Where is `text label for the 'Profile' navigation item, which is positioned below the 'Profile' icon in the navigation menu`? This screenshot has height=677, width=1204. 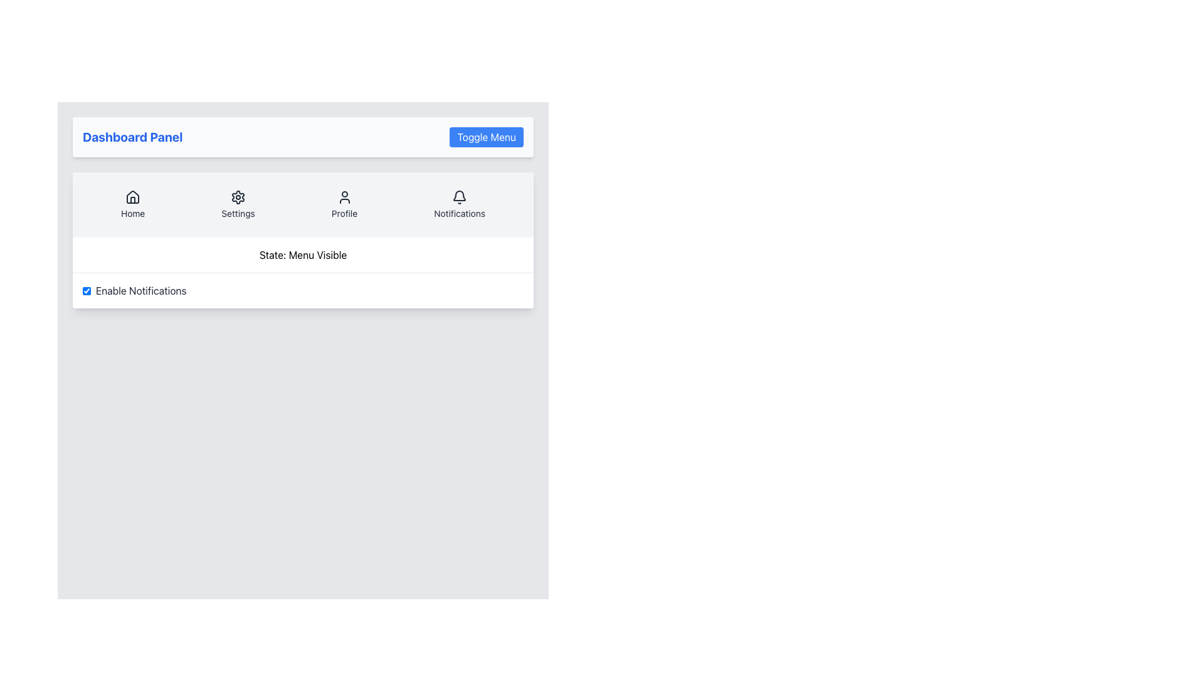 text label for the 'Profile' navigation item, which is positioned below the 'Profile' icon in the navigation menu is located at coordinates (344, 213).